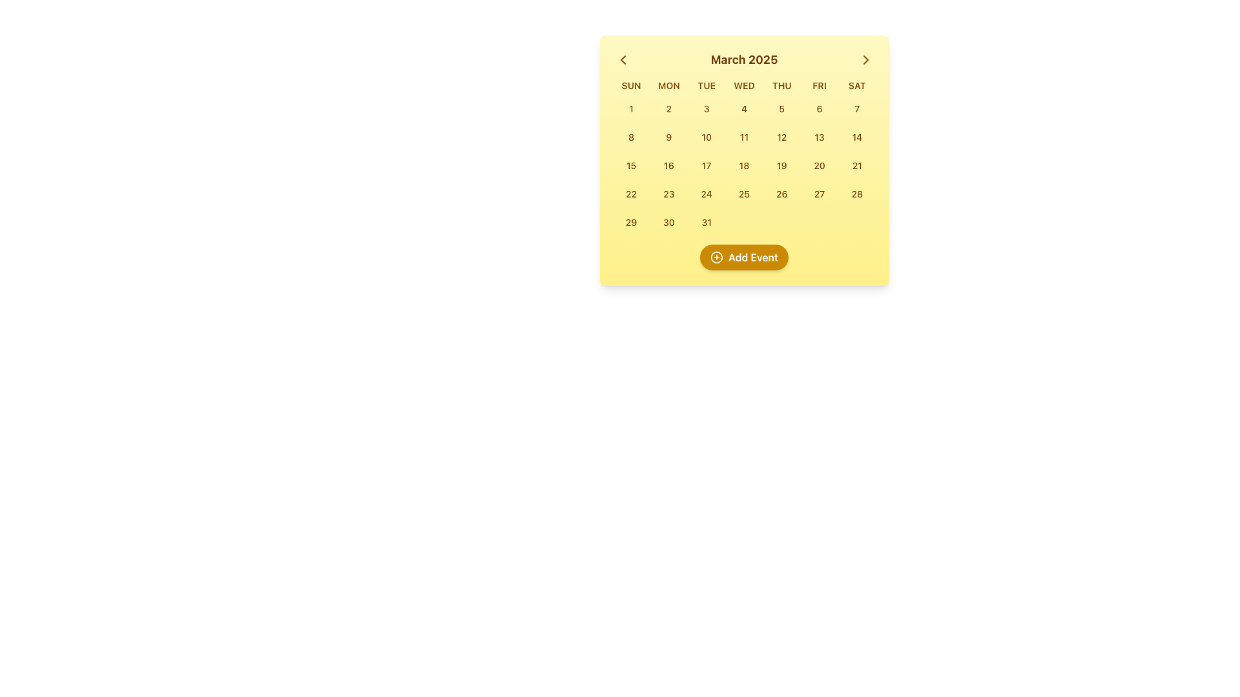  I want to click on the text indicating the date '29' within the calendar interface, located in the lower-right corner of the calendar grid, so click(631, 221).